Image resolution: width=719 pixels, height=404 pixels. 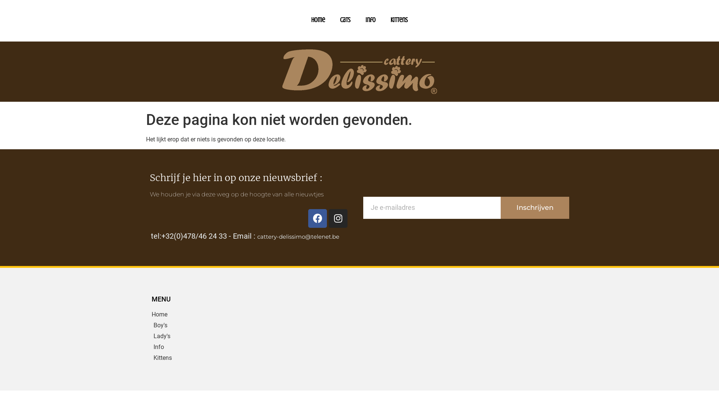 I want to click on 'Kittens', so click(x=151, y=357).